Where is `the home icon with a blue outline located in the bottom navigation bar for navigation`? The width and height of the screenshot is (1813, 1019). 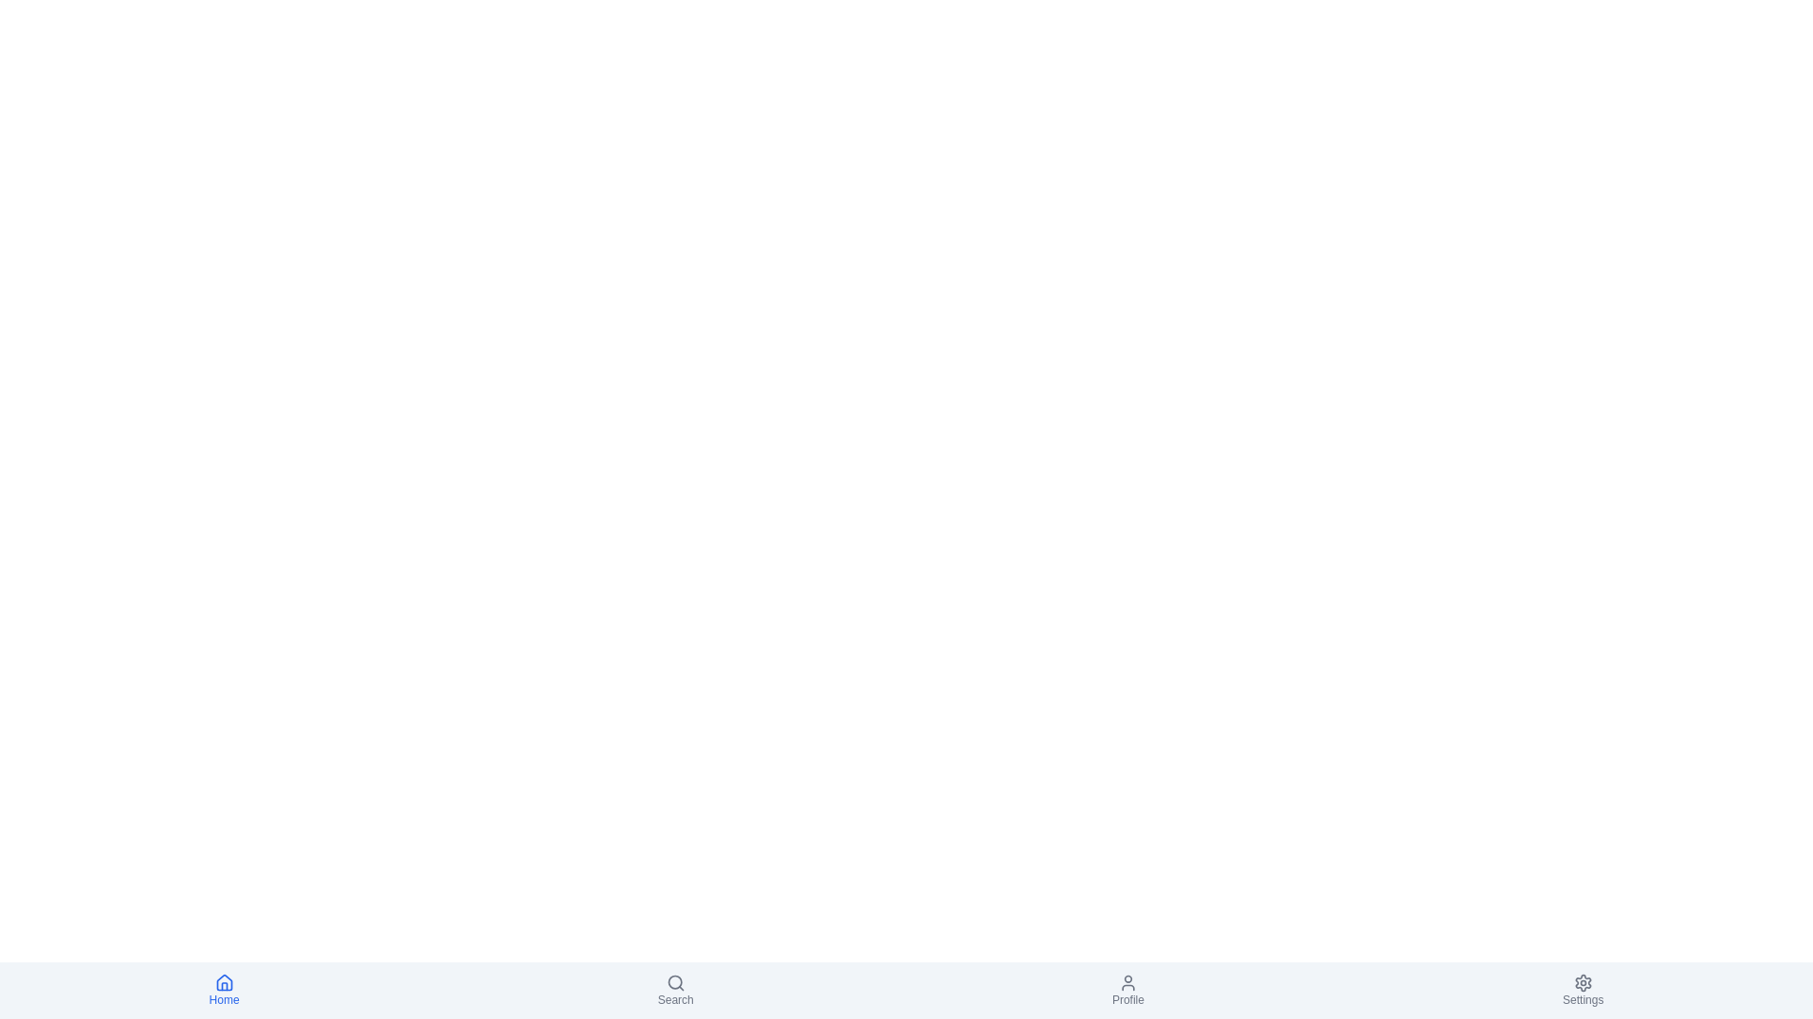 the home icon with a blue outline located in the bottom navigation bar for navigation is located at coordinates (224, 981).